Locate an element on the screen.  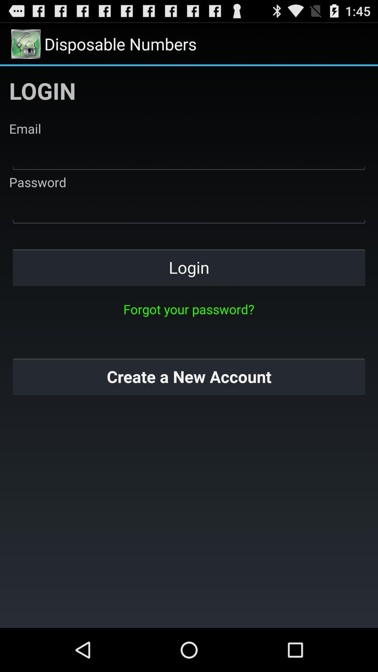
password here is located at coordinates (189, 208).